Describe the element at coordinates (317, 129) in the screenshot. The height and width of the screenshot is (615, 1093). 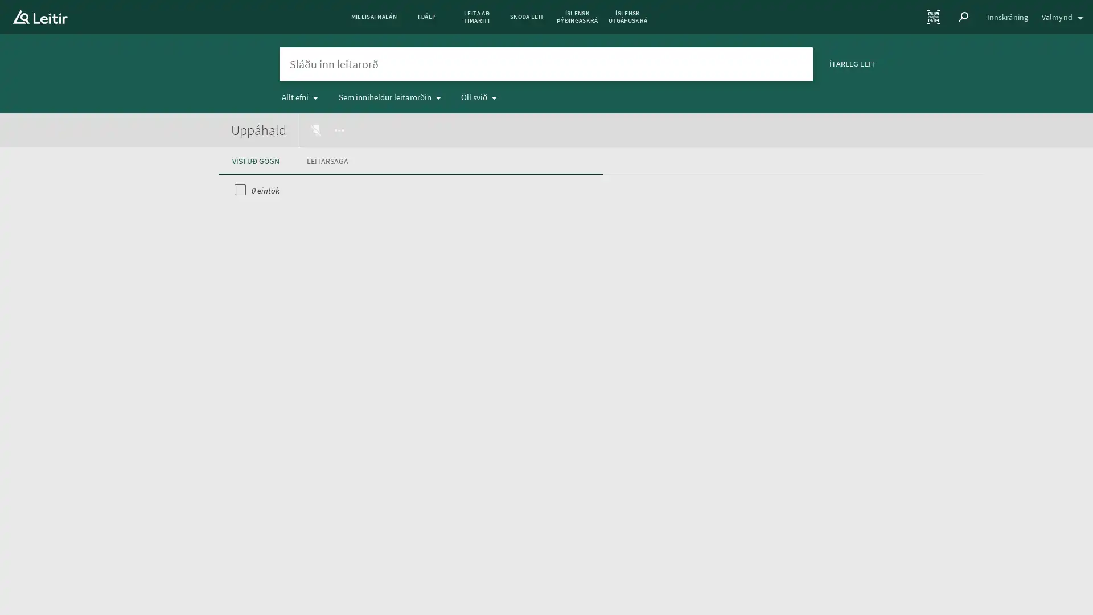
I see `Losa valin eintok  slokkt a Veldu eintok her a nean til a virkja styringar` at that location.